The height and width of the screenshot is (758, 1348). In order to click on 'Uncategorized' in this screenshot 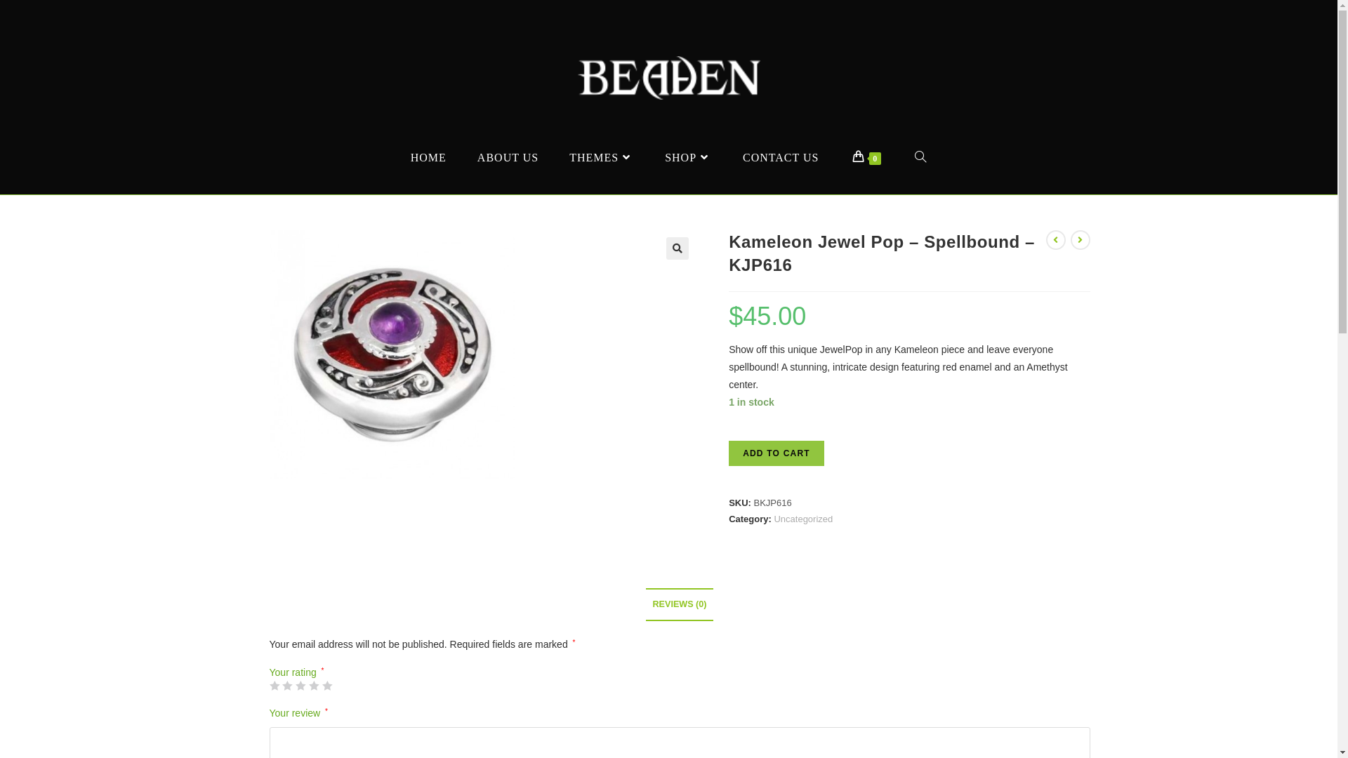, I will do `click(802, 519)`.